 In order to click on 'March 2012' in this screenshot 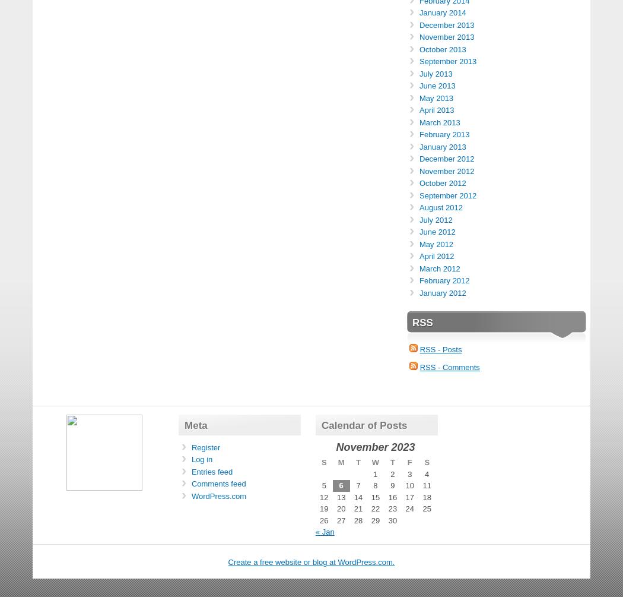, I will do `click(438, 268)`.